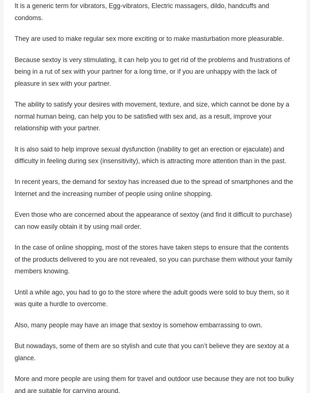 This screenshot has width=310, height=393. I want to click on 'In the case of online shopping, most of the stores have taken steps to ensure that the contents of the products delivered to you are not revealed, so you can purchase them without your family members knowing.', so click(14, 259).